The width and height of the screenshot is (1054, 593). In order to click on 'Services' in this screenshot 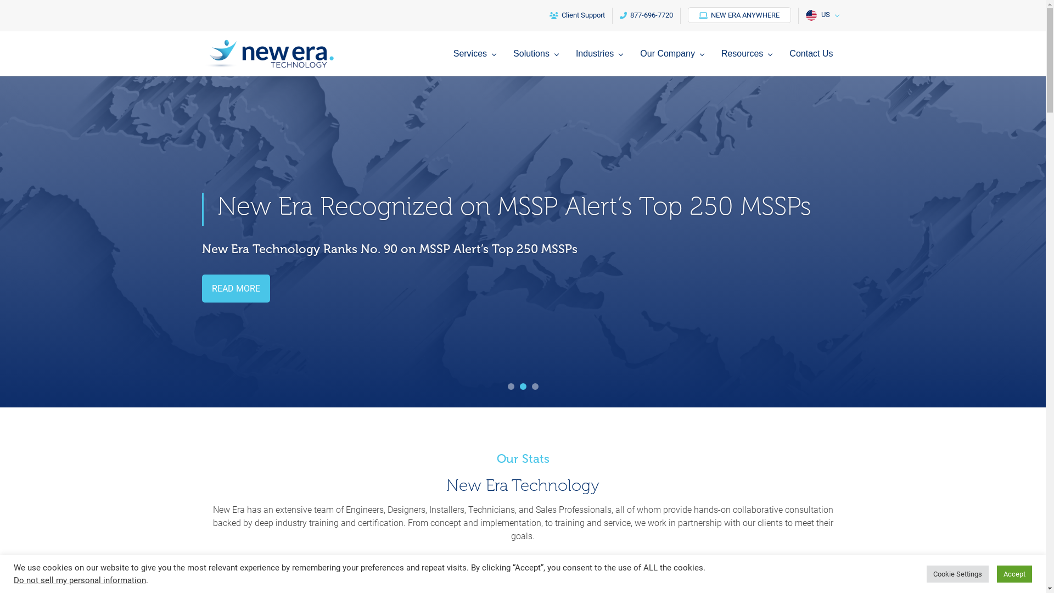, I will do `click(453, 63)`.